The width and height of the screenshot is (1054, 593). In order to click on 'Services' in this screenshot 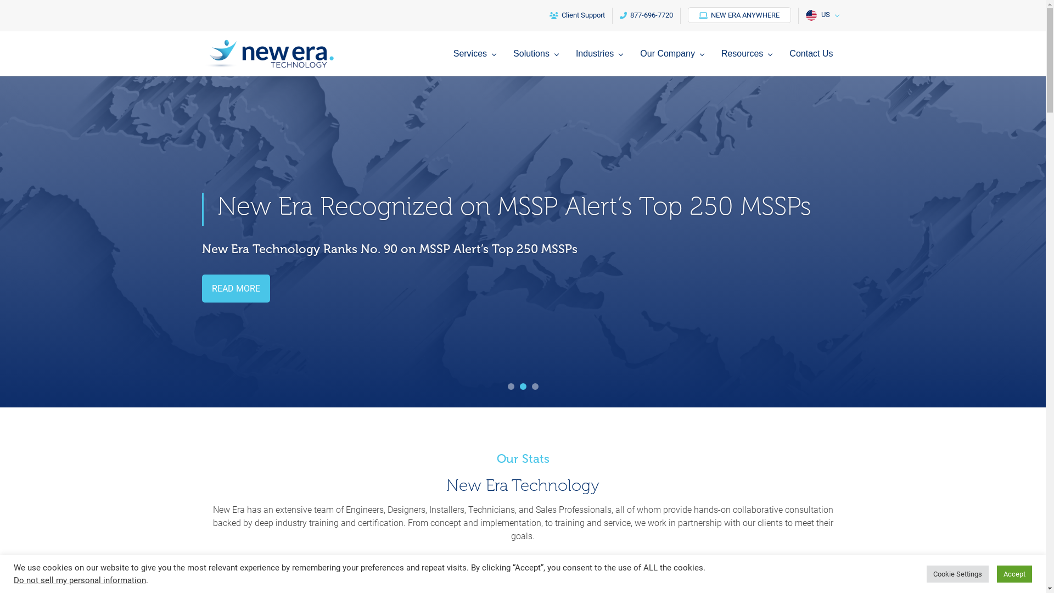, I will do `click(453, 63)`.